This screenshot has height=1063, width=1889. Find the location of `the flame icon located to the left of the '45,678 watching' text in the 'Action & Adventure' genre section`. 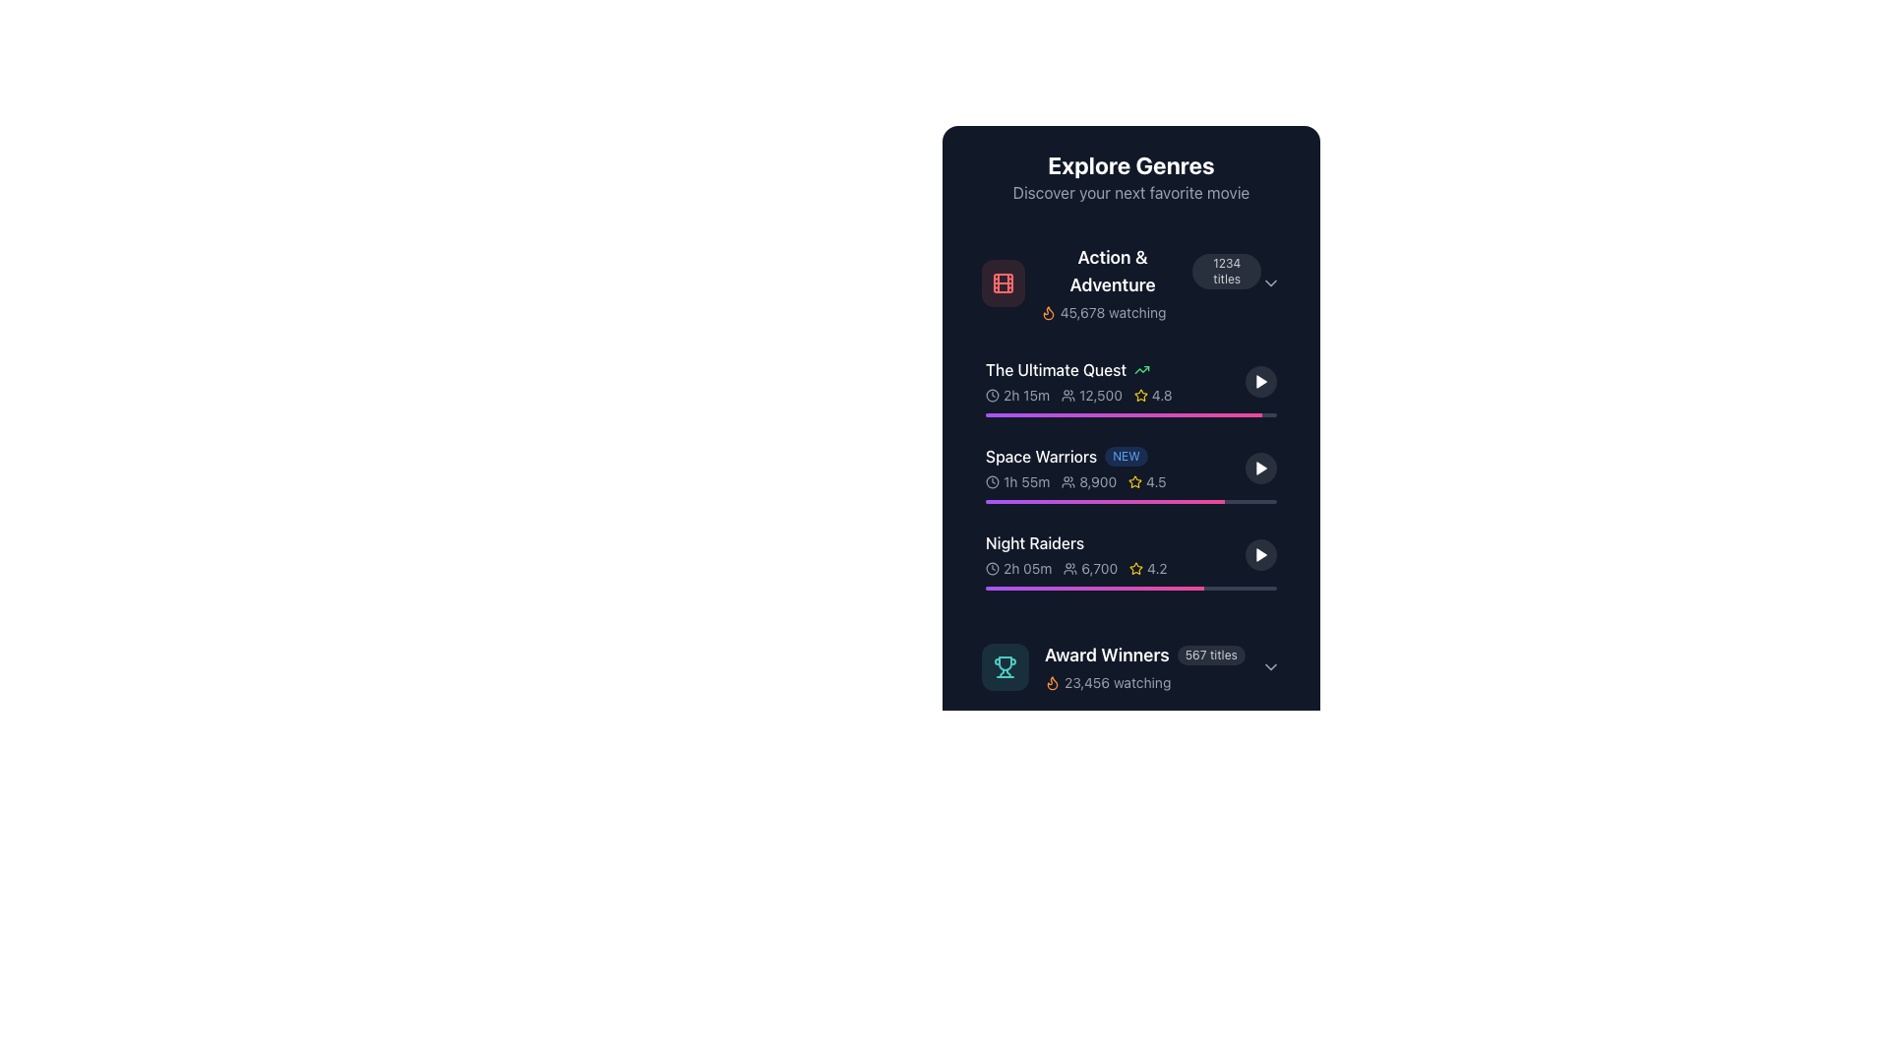

the flame icon located to the left of the '45,678 watching' text in the 'Action & Adventure' genre section is located at coordinates (1047, 311).